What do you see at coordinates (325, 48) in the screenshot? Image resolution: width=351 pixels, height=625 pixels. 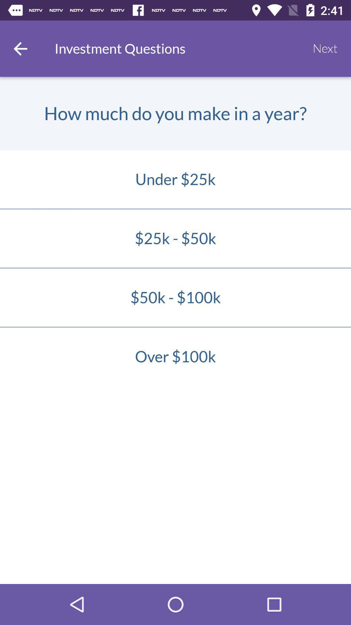 I see `the icon at the top right corner` at bounding box center [325, 48].